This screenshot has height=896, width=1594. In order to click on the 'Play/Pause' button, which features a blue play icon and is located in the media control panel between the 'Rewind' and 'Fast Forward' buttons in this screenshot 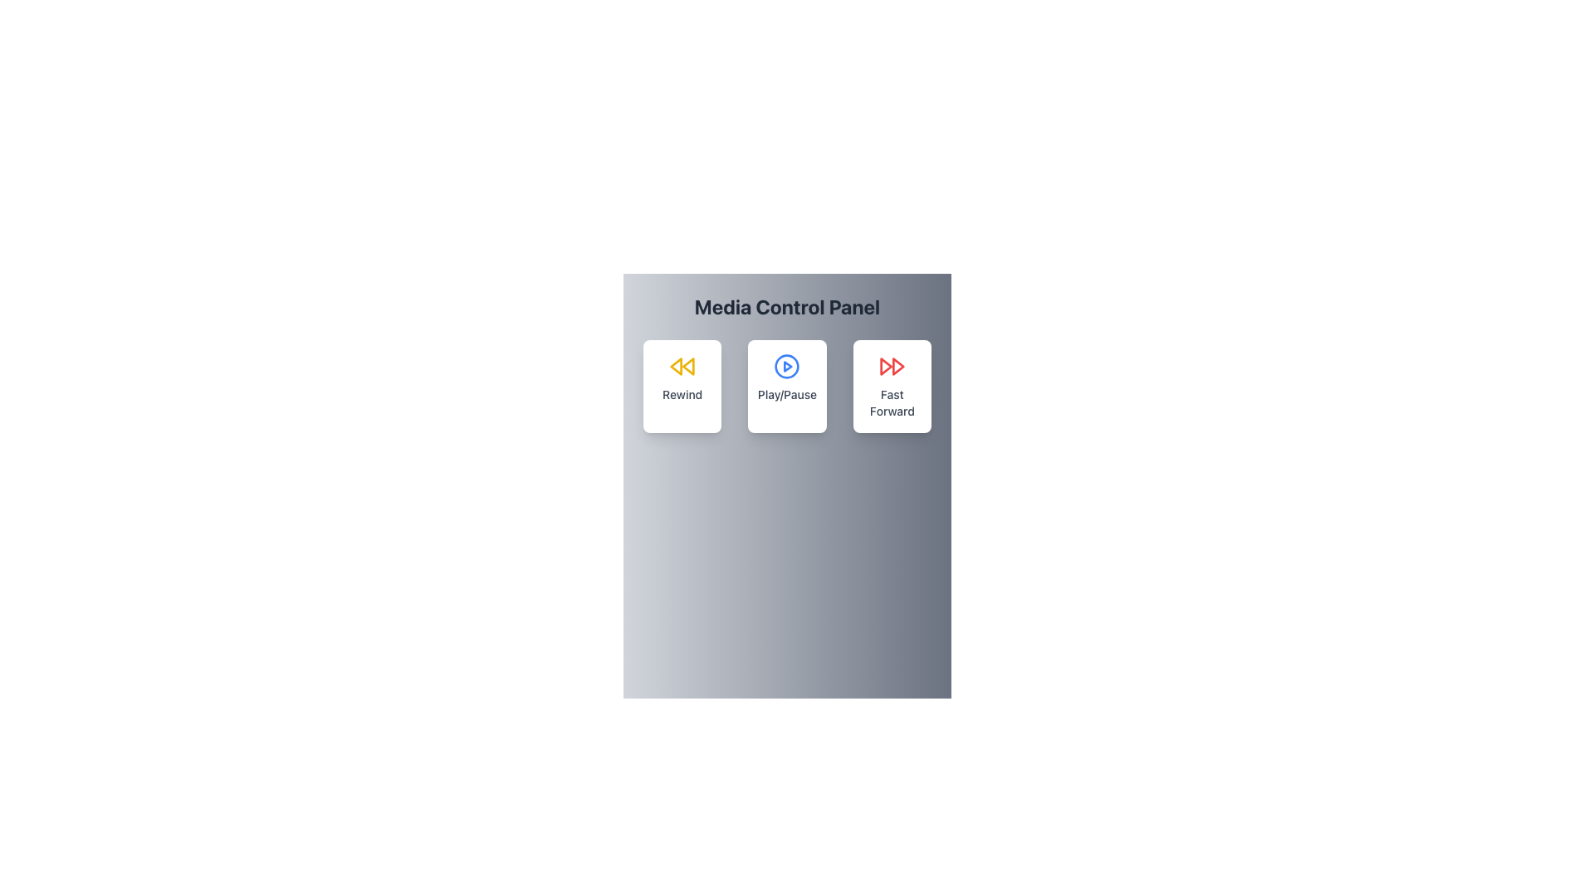, I will do `click(786, 387)`.